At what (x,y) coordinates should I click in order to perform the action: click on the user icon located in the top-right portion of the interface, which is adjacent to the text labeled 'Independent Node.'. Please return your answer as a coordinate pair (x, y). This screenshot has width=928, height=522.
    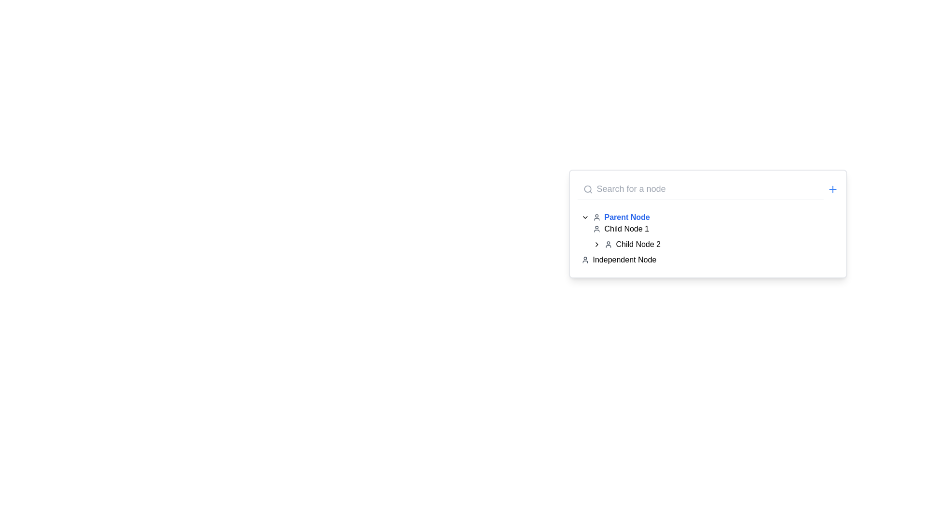
    Looking at the image, I should click on (584, 259).